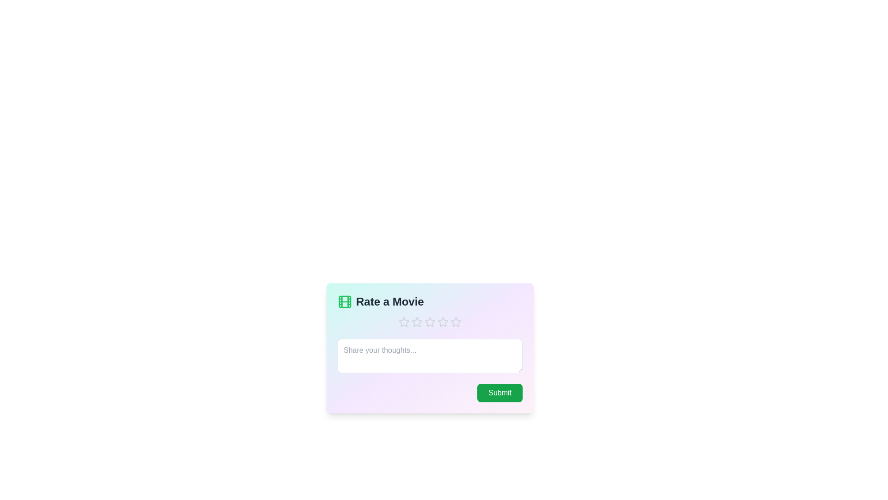  Describe the element at coordinates (456, 321) in the screenshot. I see `the star corresponding to the 5 value to set the rating` at that location.